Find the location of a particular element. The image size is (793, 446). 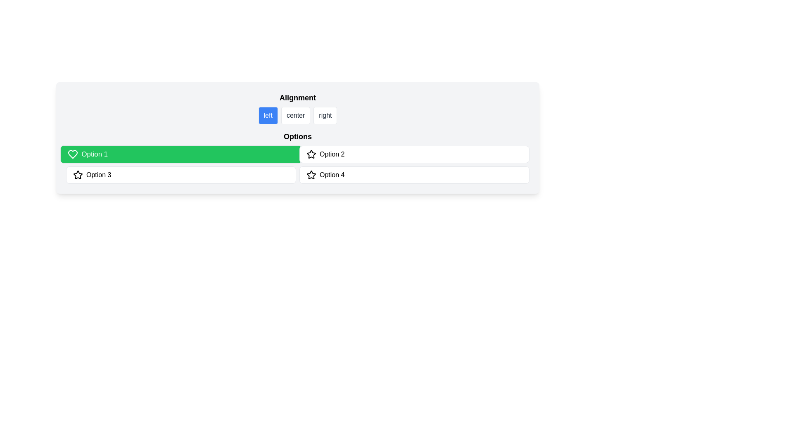

the 'Option 3' button located is located at coordinates (180, 175).